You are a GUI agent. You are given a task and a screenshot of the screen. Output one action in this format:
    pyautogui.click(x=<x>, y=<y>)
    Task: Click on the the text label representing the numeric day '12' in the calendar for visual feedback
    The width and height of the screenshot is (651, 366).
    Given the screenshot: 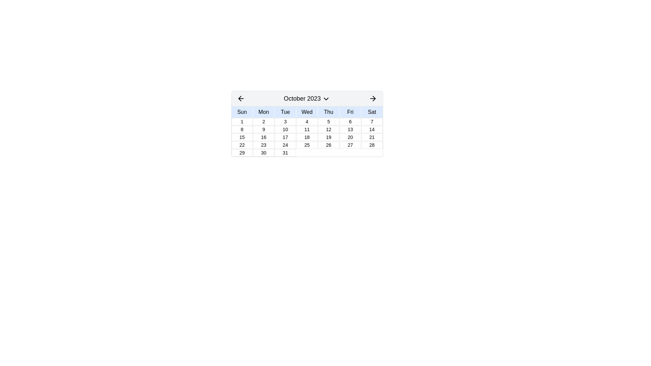 What is the action you would take?
    pyautogui.click(x=329, y=129)
    